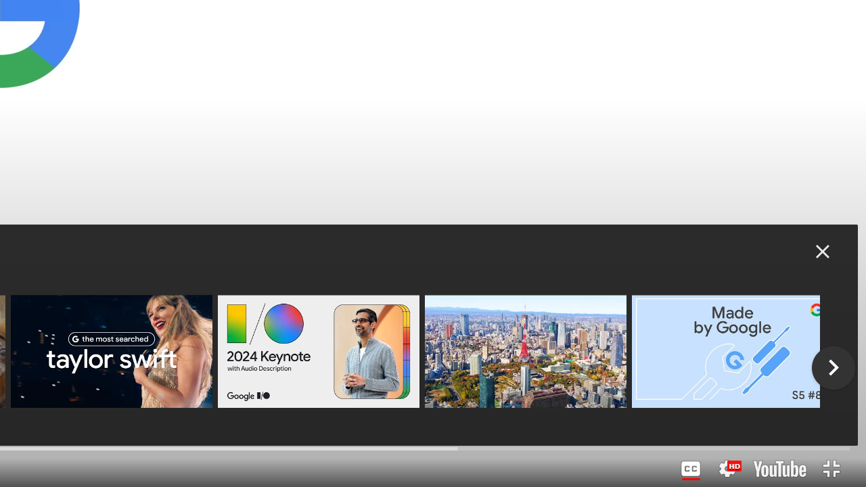  I want to click on 'Hide more videos', so click(822, 251).